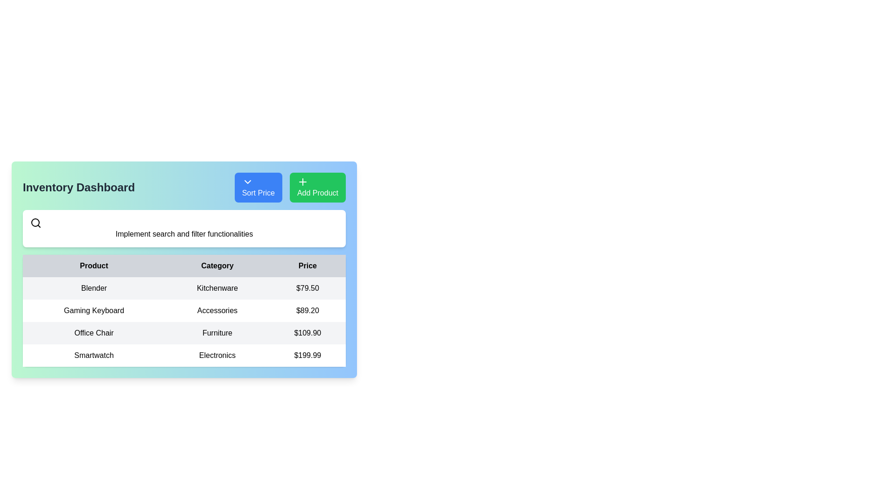 This screenshot has width=896, height=504. I want to click on title of the Inventory Dashboard section, which is displayed as a Text Label at the top-left corner of the interface, so click(78, 187).